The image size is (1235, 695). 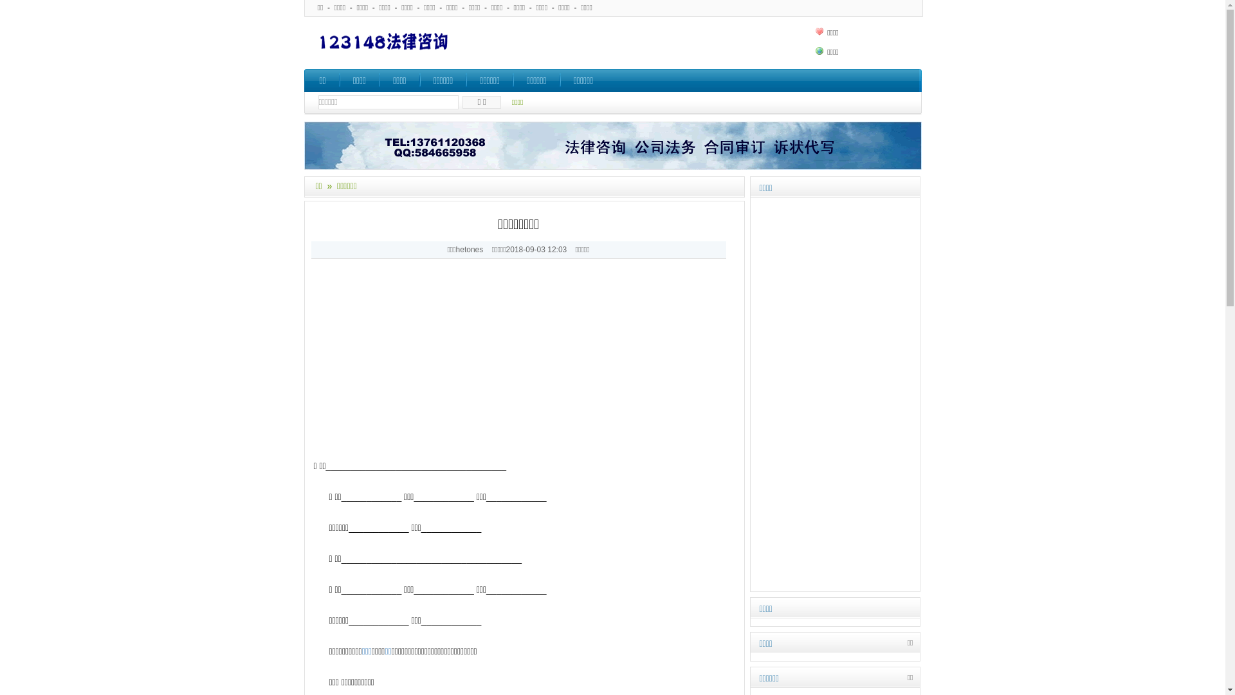 I want to click on 'Advertisement', so click(x=524, y=367).